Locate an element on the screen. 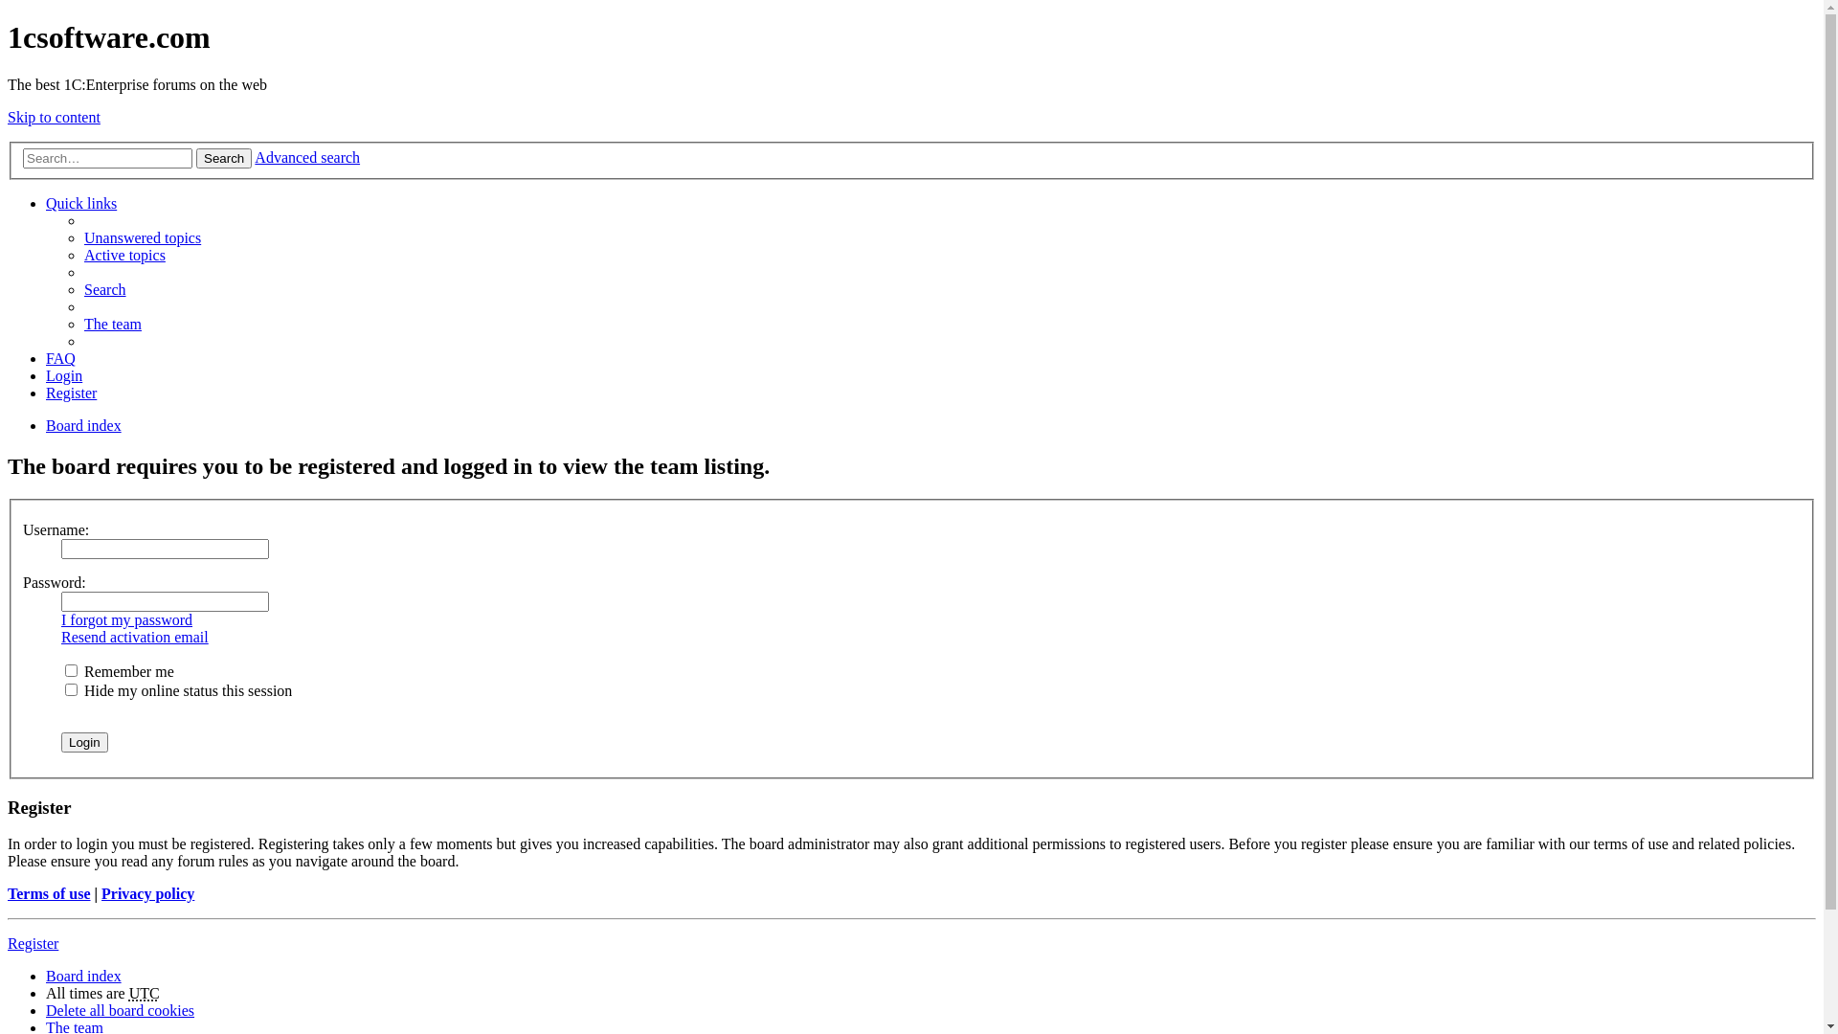 The width and height of the screenshot is (1838, 1034). 'The team' is located at coordinates (112, 323).